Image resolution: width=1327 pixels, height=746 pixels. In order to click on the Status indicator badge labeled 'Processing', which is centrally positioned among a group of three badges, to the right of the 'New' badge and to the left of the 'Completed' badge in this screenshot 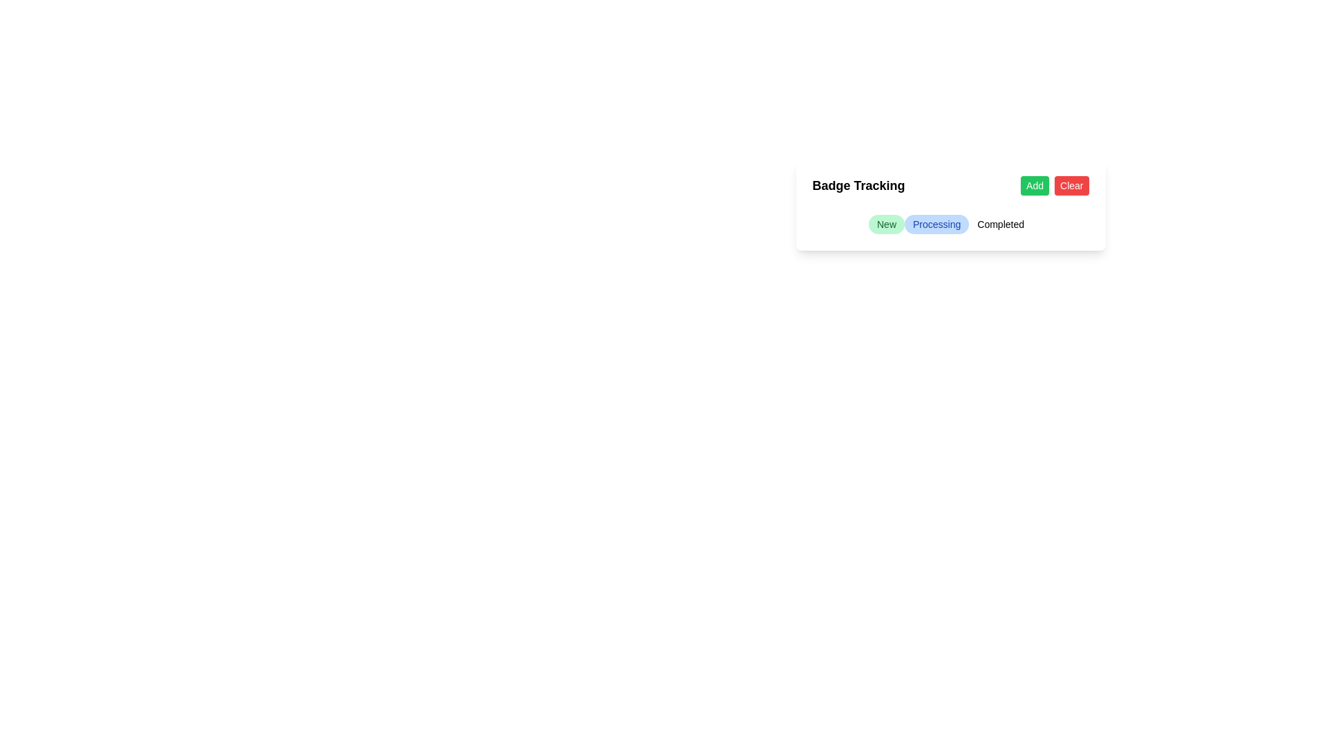, I will do `click(937, 223)`.